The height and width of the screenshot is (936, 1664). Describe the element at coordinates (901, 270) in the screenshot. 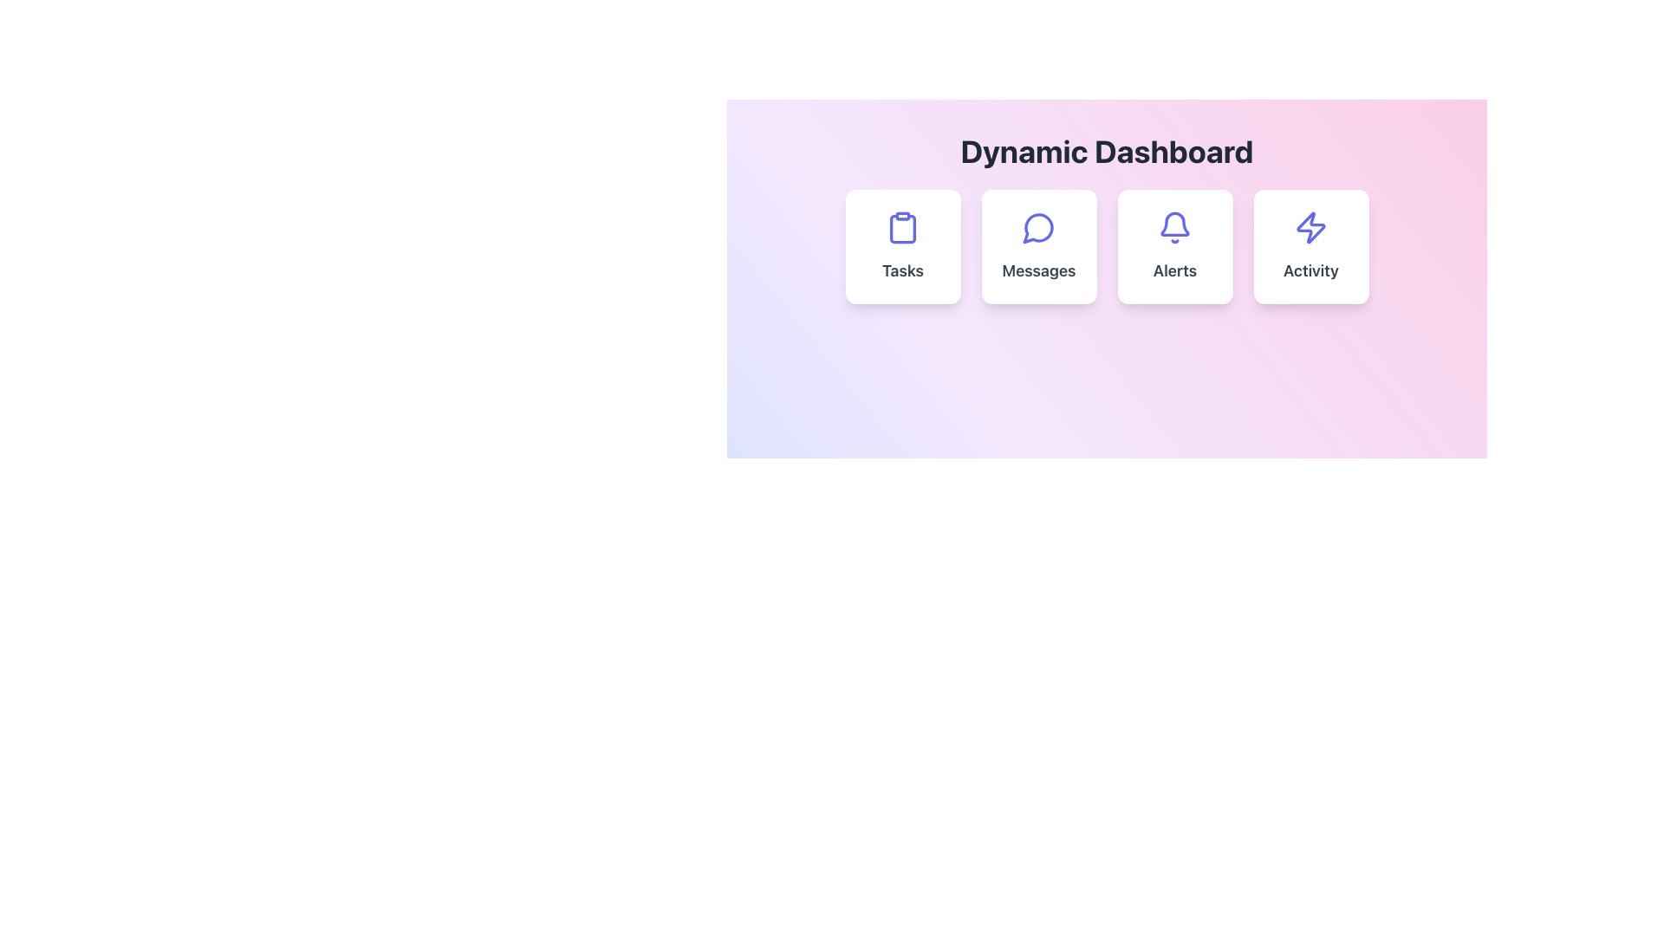

I see `the 'Tasks' text label, which is styled with large gray text and located at the bottom of the first card in a horizontal row, beneath a clipboard icon` at that location.